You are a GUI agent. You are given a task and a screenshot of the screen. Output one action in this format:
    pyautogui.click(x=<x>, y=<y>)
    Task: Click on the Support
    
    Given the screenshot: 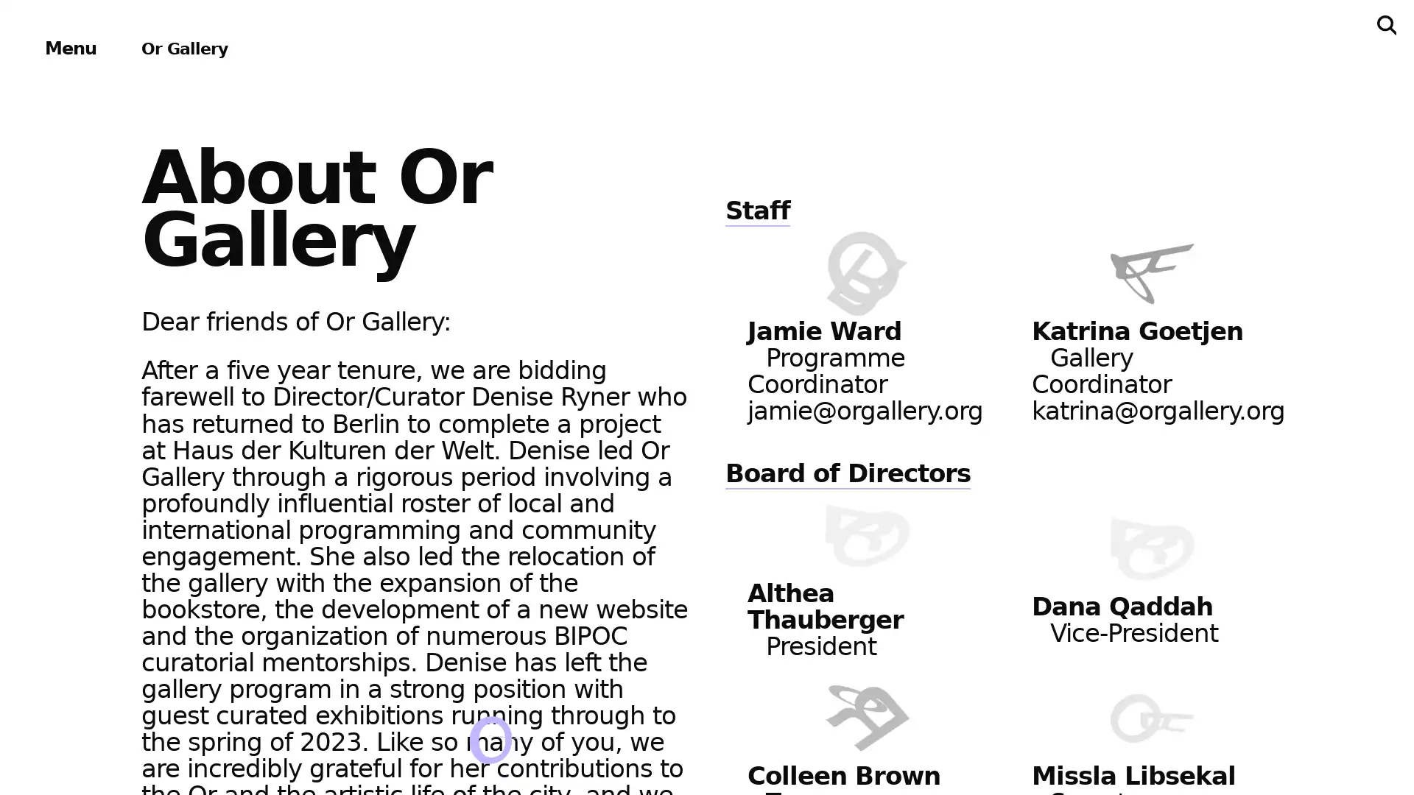 What is the action you would take?
    pyautogui.click(x=320, y=652)
    